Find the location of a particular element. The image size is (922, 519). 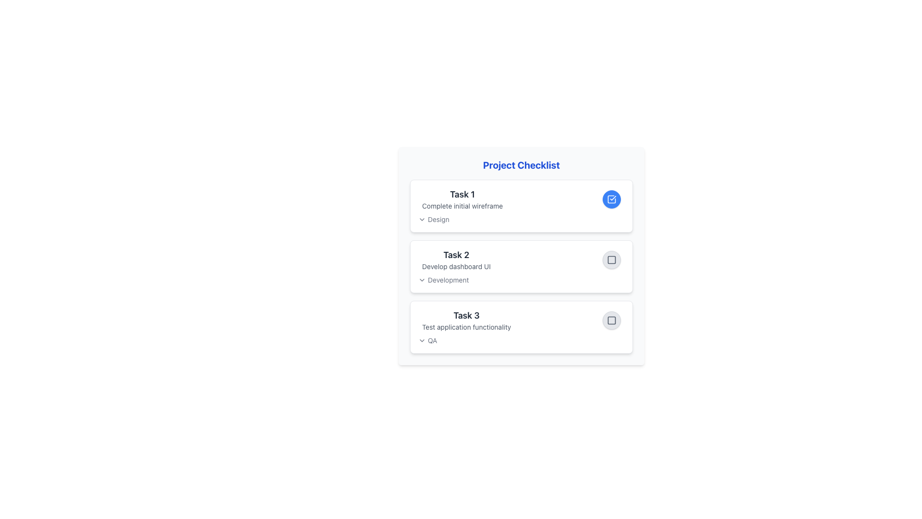

the dropdown icon located to the left of the 'QA' text in the Task 3 section is located at coordinates (422, 340).